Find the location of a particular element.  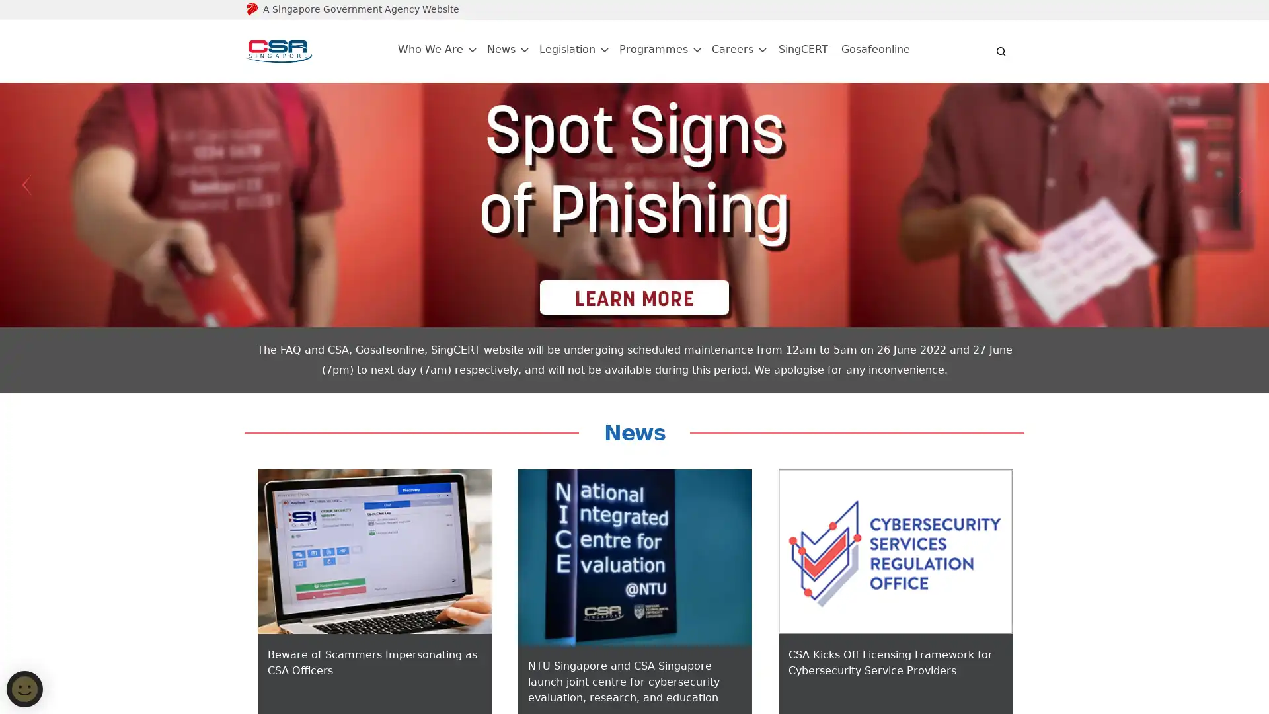

Next is located at coordinates (1242, 185).